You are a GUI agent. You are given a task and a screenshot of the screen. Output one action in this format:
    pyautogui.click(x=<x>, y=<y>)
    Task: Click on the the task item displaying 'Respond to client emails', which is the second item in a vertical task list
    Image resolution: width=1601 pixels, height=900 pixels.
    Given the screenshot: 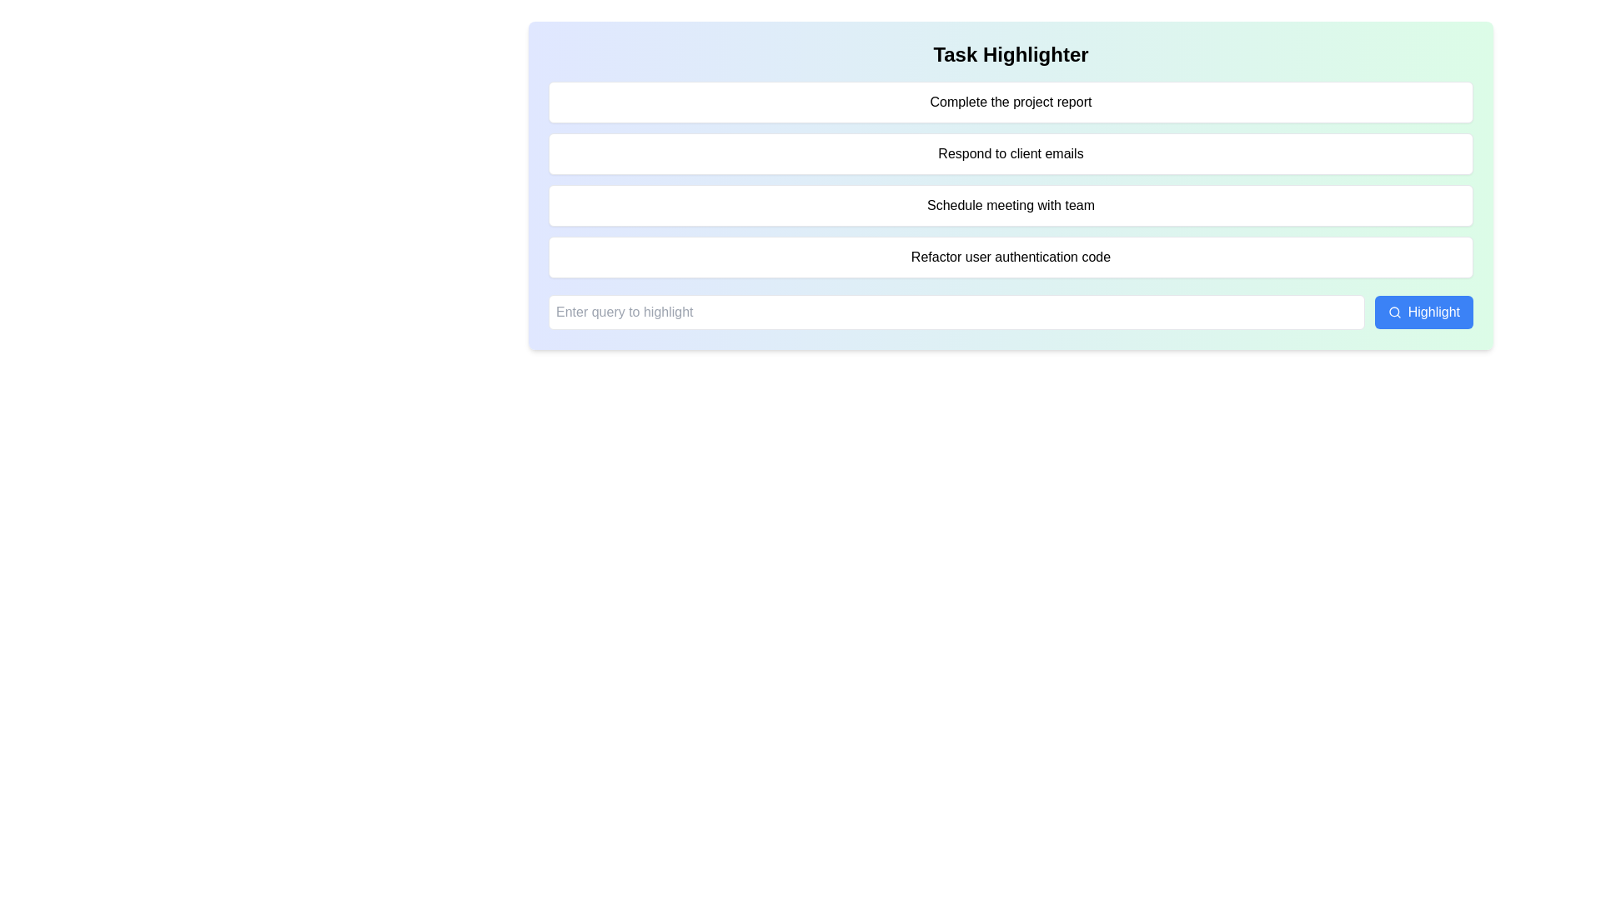 What is the action you would take?
    pyautogui.click(x=1010, y=154)
    